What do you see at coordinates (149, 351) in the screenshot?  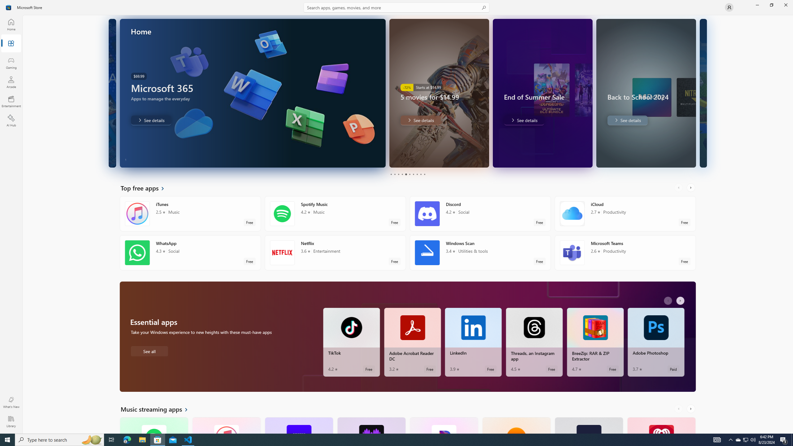 I see `'See all  Essential apps'` at bounding box center [149, 351].